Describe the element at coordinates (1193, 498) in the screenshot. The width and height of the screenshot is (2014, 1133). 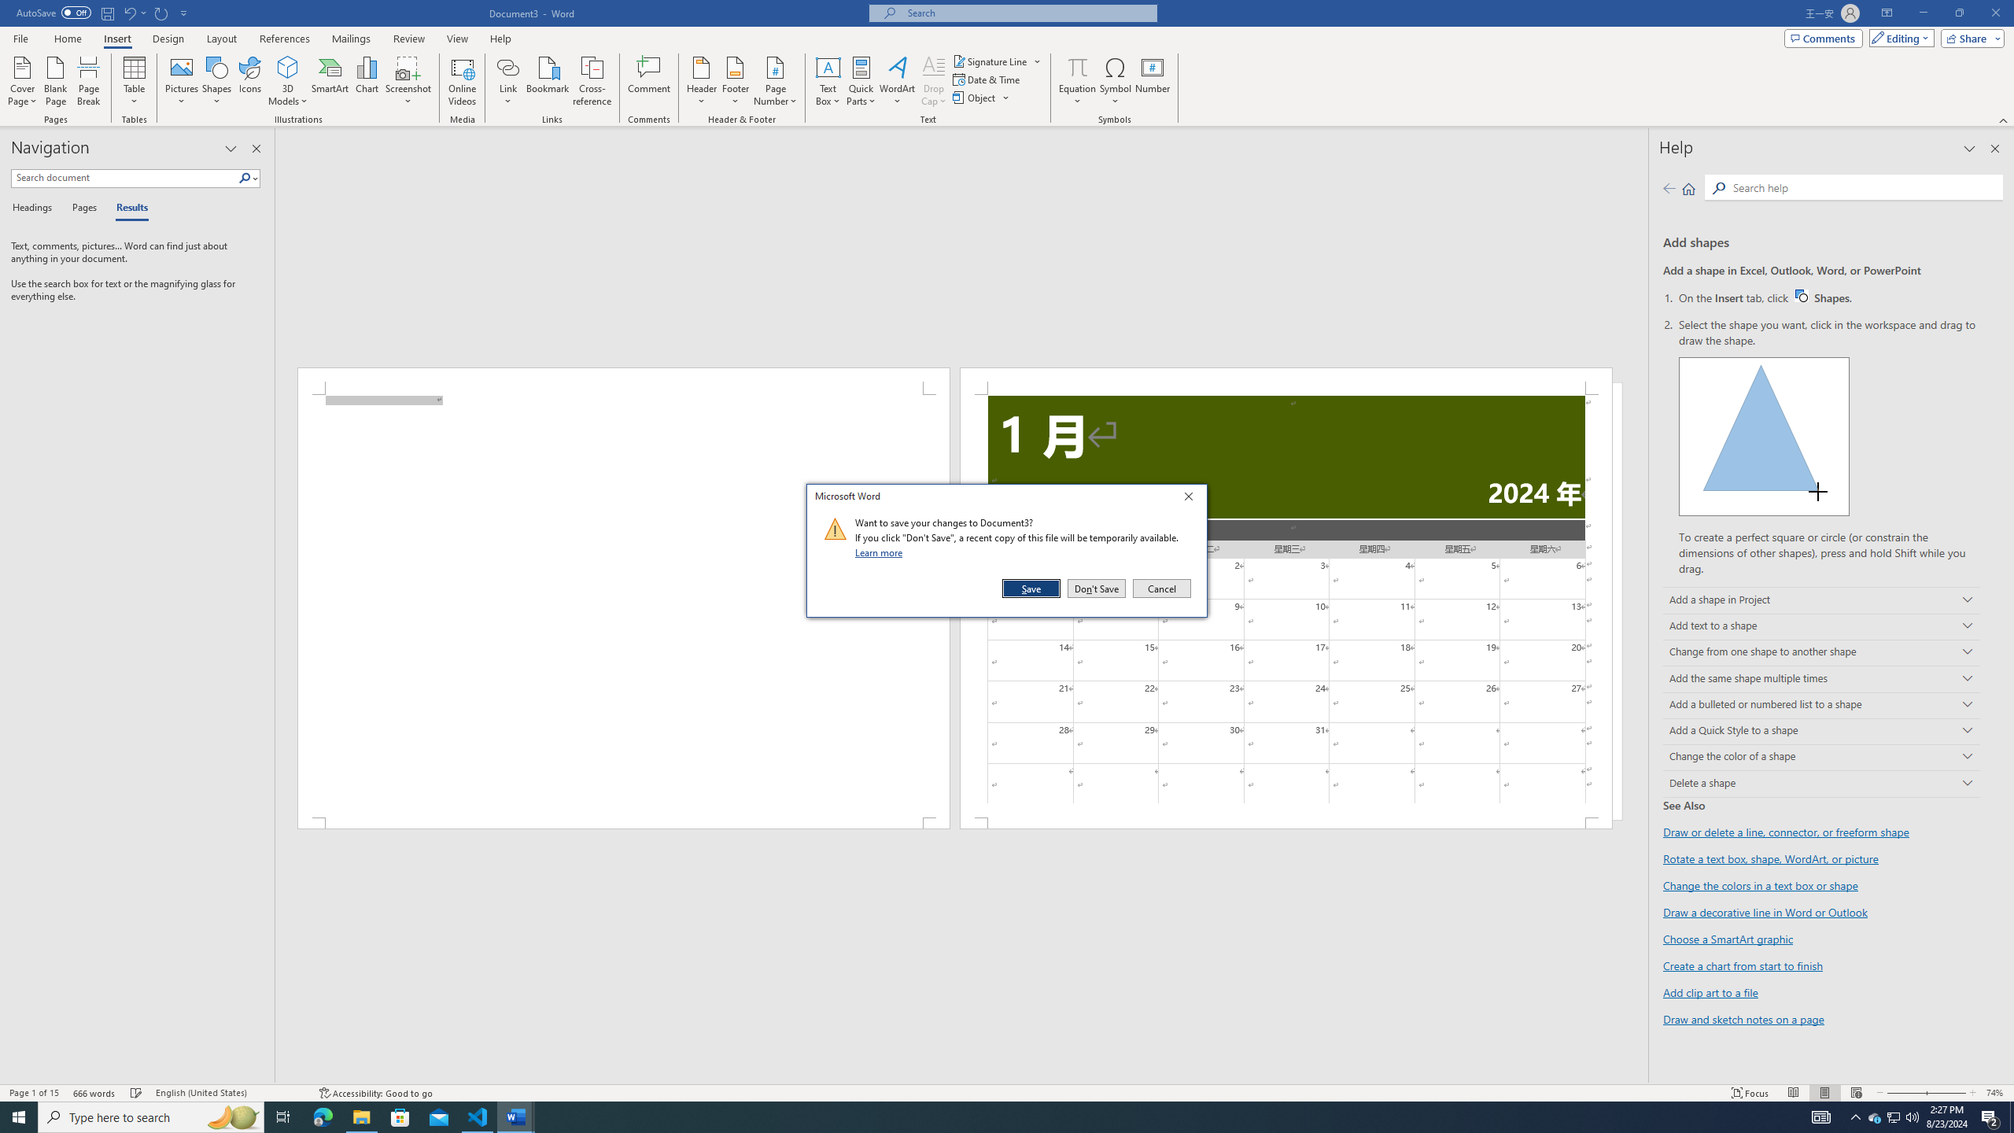
I see `'Close'` at that location.